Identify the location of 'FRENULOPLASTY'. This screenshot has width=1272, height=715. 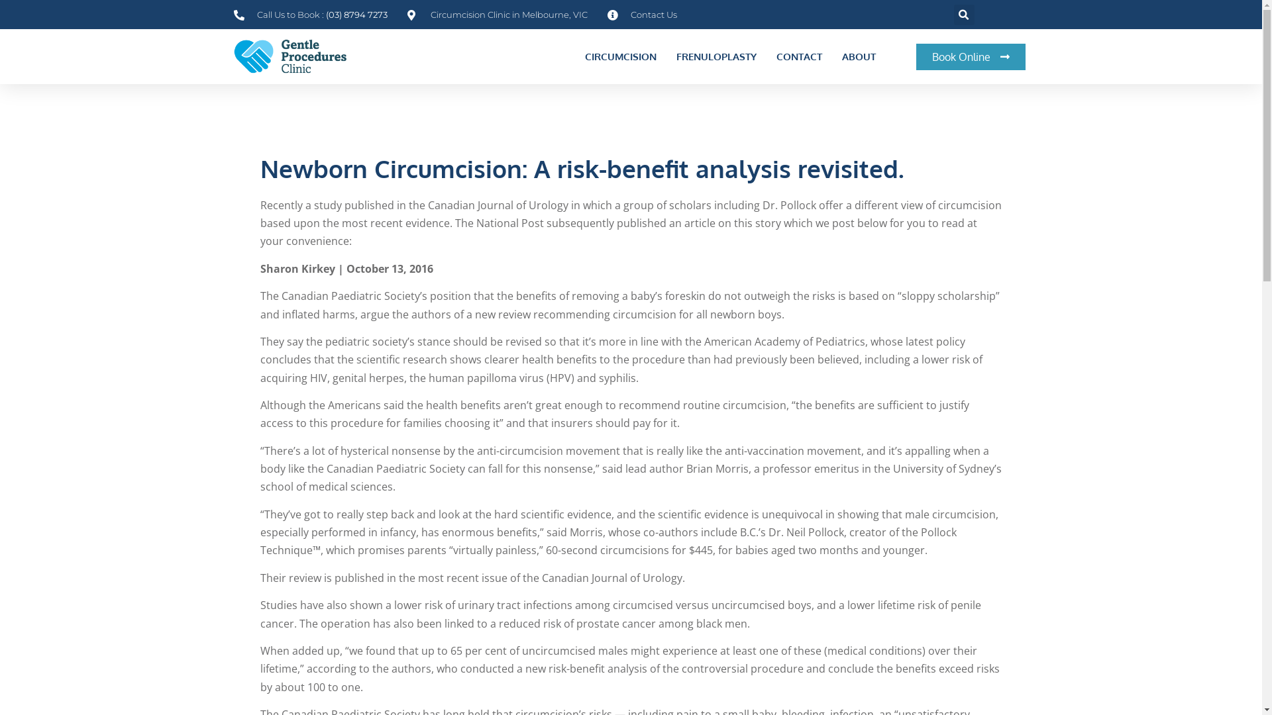
(715, 56).